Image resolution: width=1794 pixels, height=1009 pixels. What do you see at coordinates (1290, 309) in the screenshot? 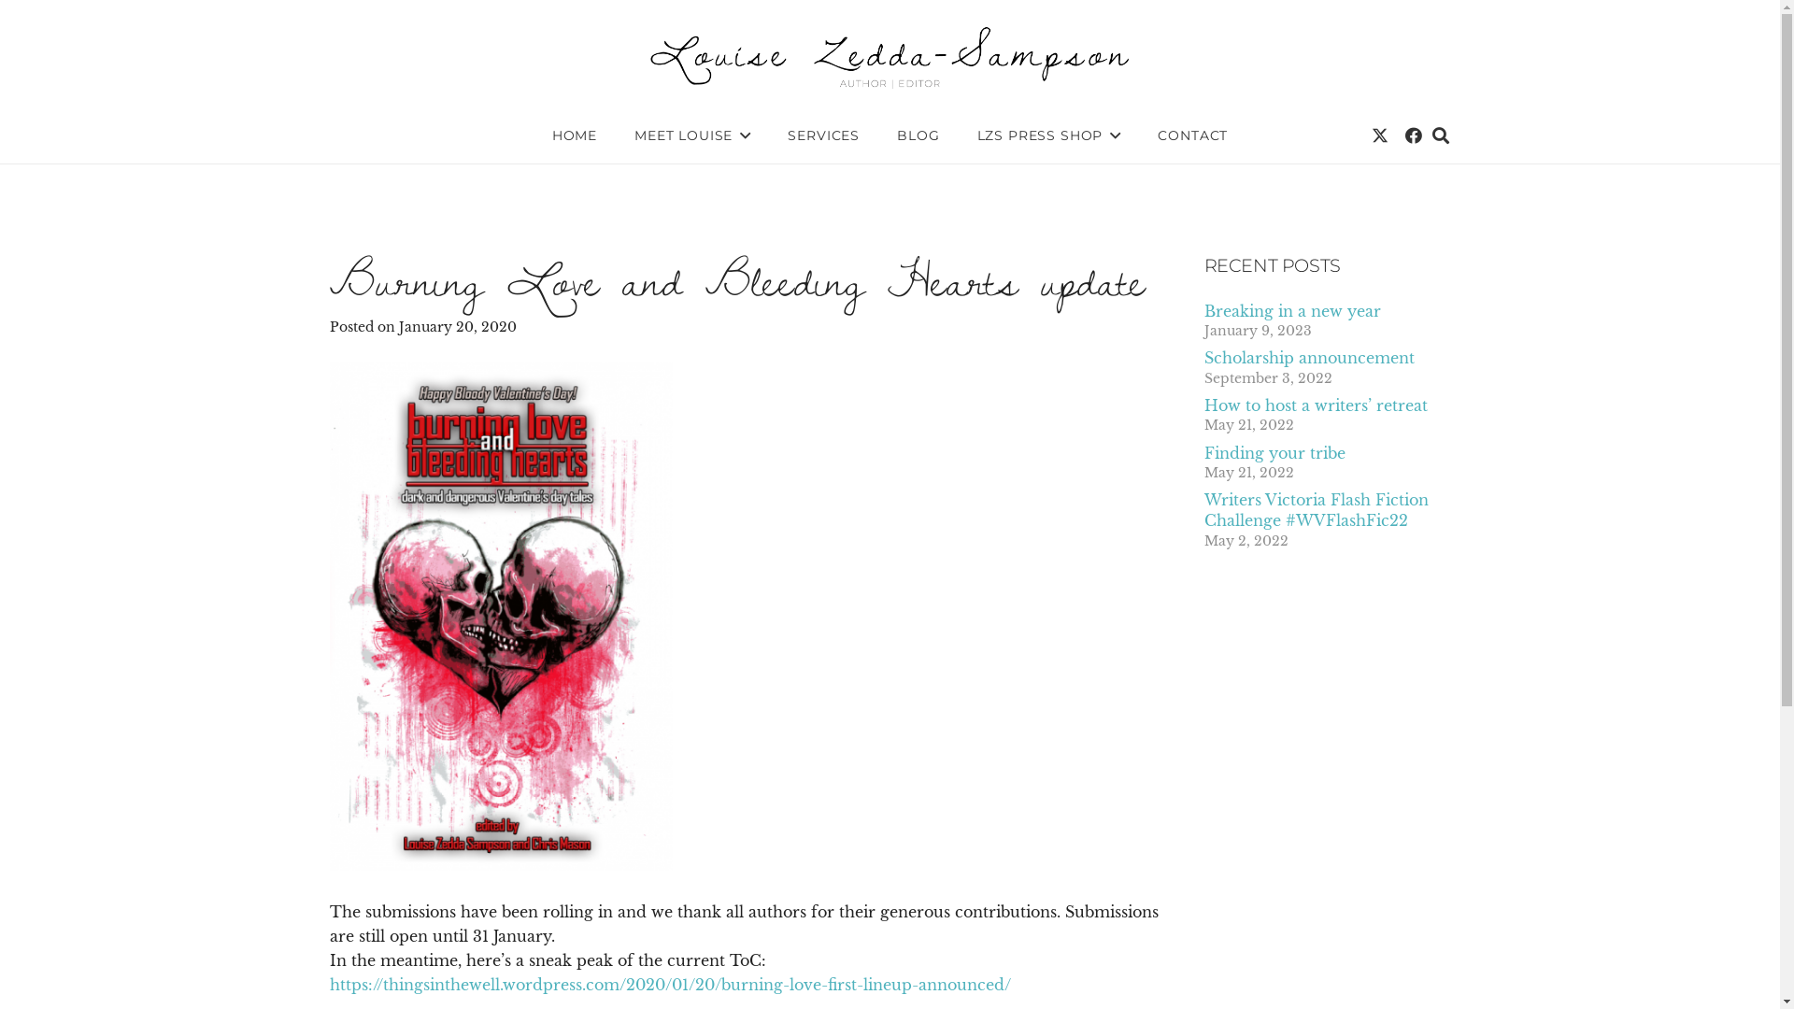
I see `'Breaking in a new year'` at bounding box center [1290, 309].